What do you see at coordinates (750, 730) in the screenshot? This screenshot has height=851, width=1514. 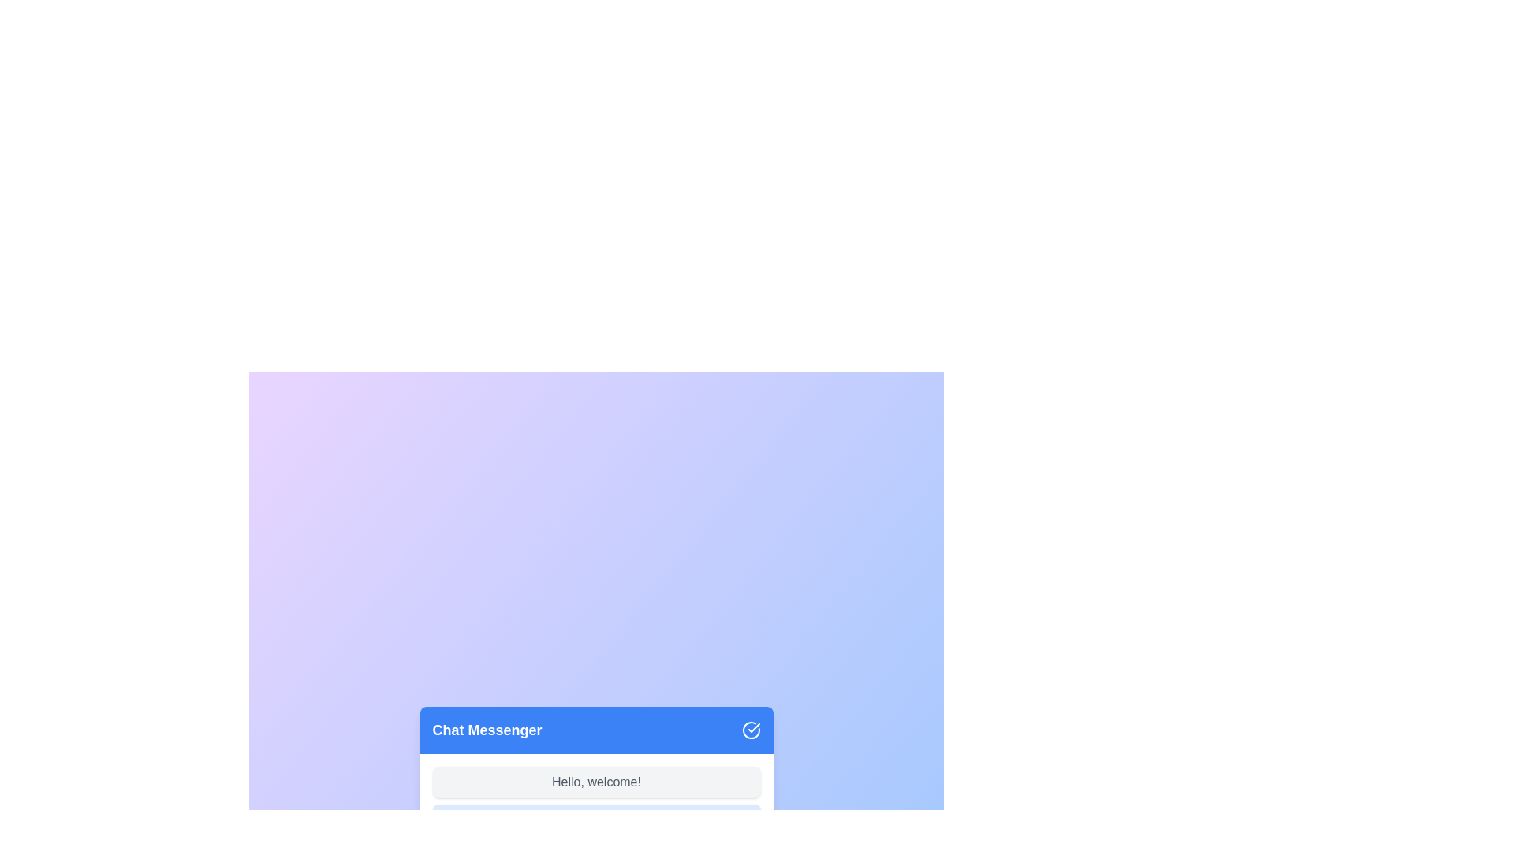 I see `the success indicator icon in the Chat Messenger interface, located in the top-right corner next to the Chat Messenger text` at bounding box center [750, 730].